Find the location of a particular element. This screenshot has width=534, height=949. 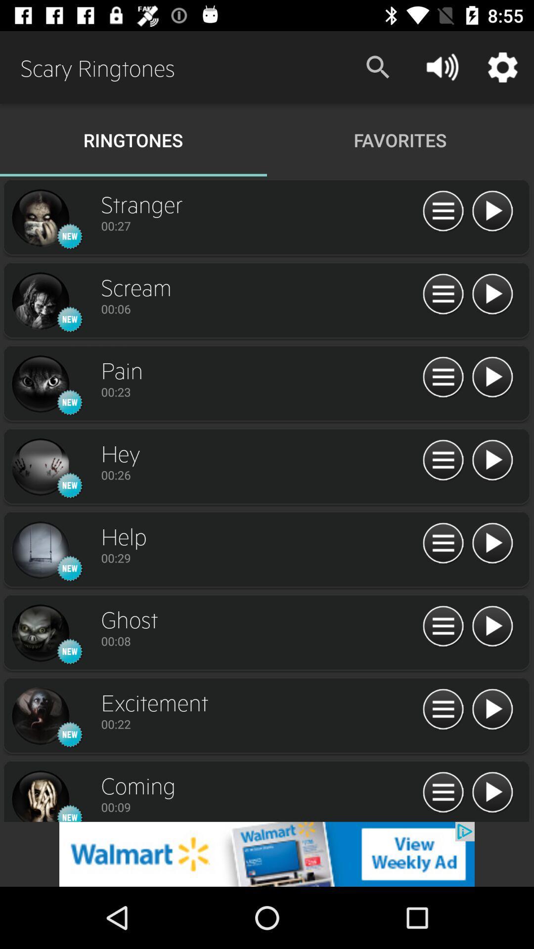

options is located at coordinates (443, 626).